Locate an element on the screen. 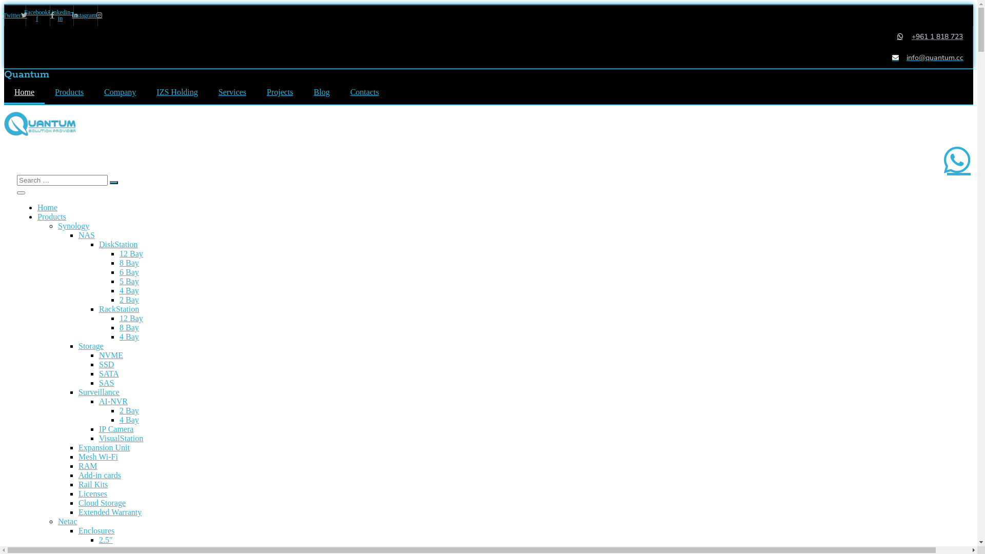  'USB Type A' is located at coordinates (120, 548).